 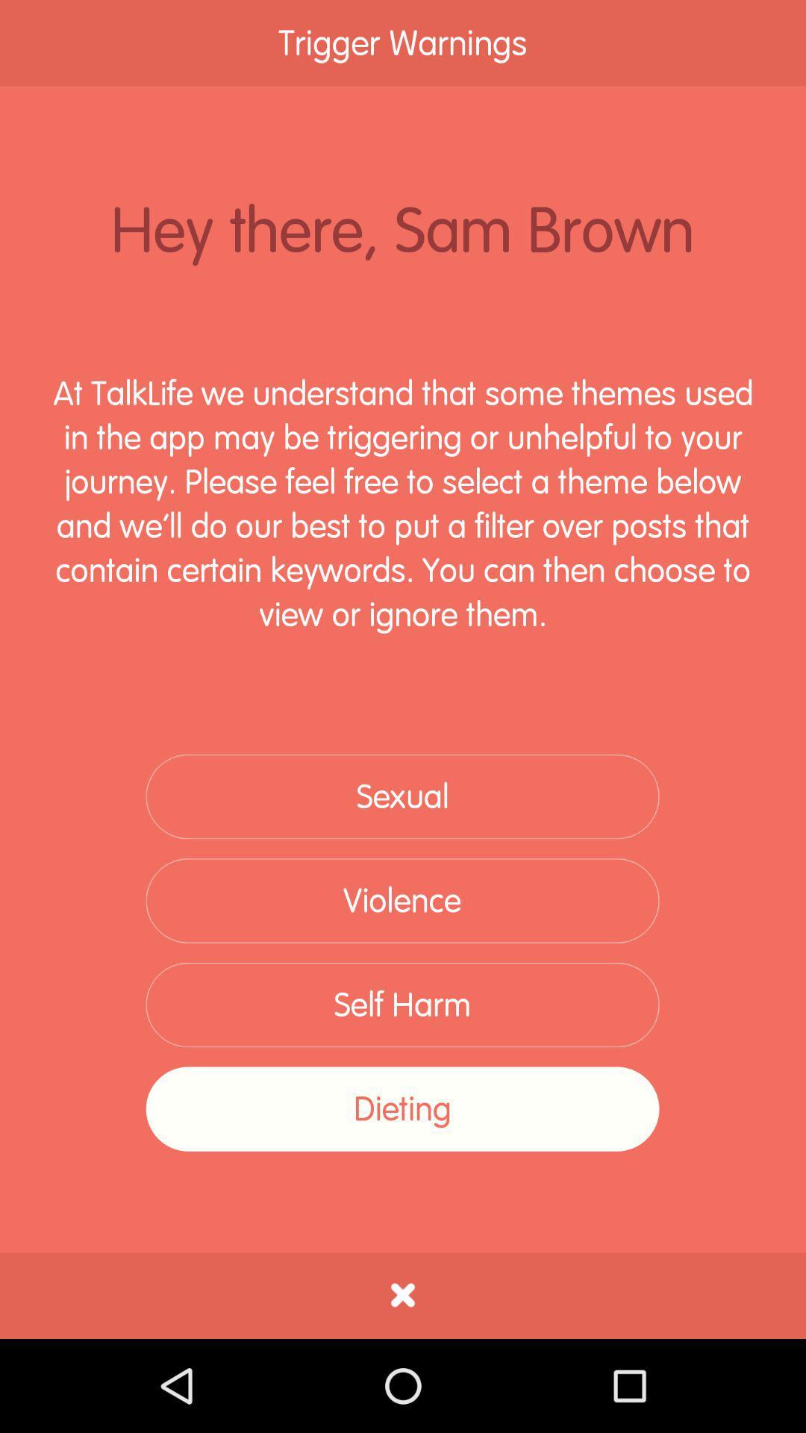 What do you see at coordinates (402, 900) in the screenshot?
I see `the violence` at bounding box center [402, 900].